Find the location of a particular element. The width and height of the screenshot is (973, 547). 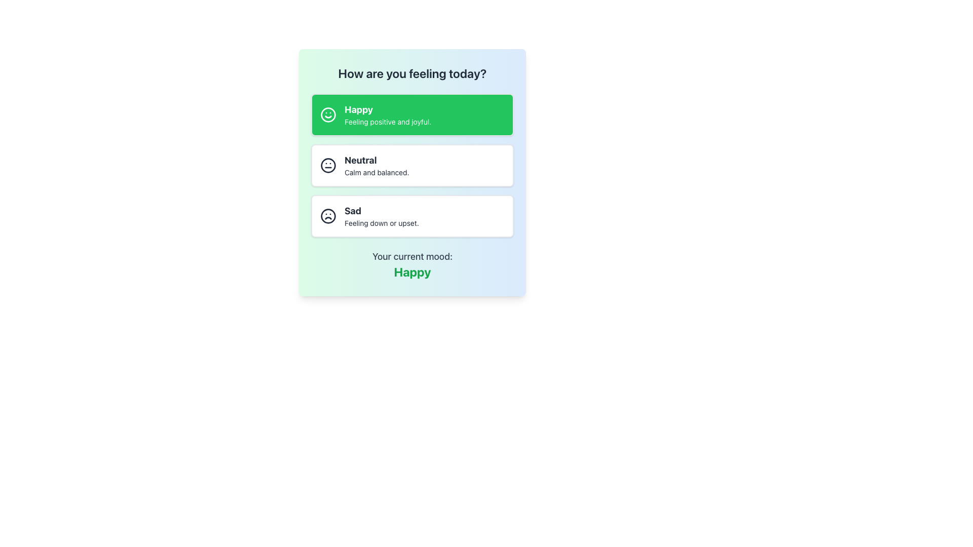

text of the 'Happy' mood option in the first selectable button of the mood choices list, which provides a title and description for users is located at coordinates (387, 114).